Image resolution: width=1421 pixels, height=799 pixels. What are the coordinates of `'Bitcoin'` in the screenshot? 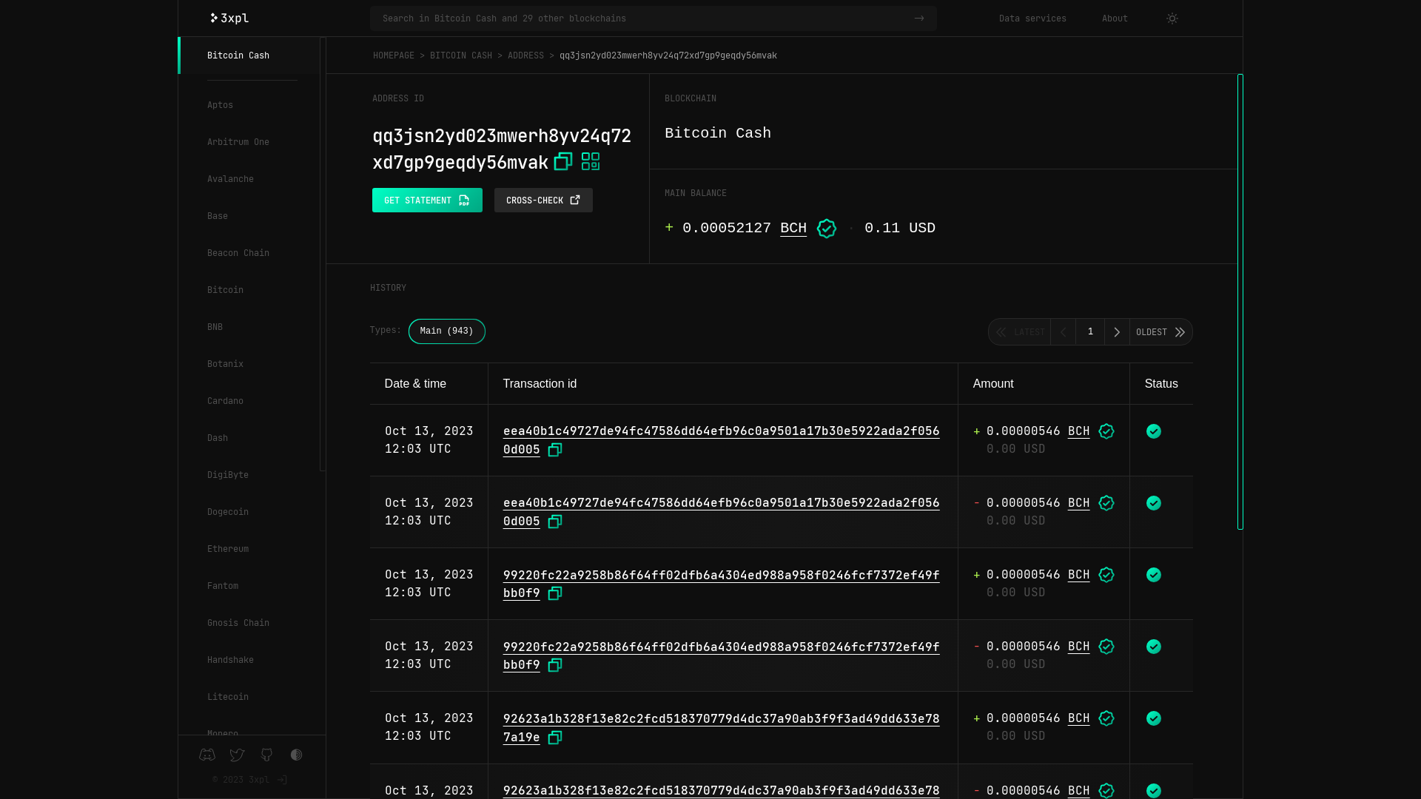 It's located at (178, 290).